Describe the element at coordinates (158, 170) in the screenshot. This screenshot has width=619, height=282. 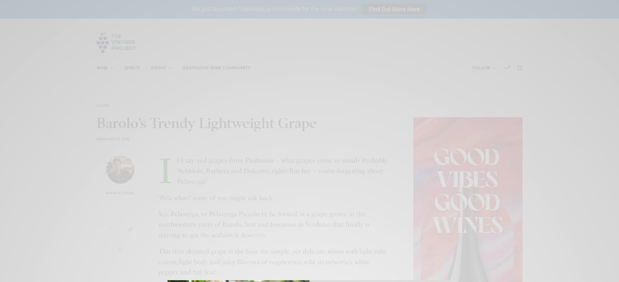
I see `'If I say: red grapes from Piedmont – what grapes come to mind? Probably Nebbiolo, Barbera and Dolcetto, right? But hey – you’re forgetting about Pelaverga!'` at that location.